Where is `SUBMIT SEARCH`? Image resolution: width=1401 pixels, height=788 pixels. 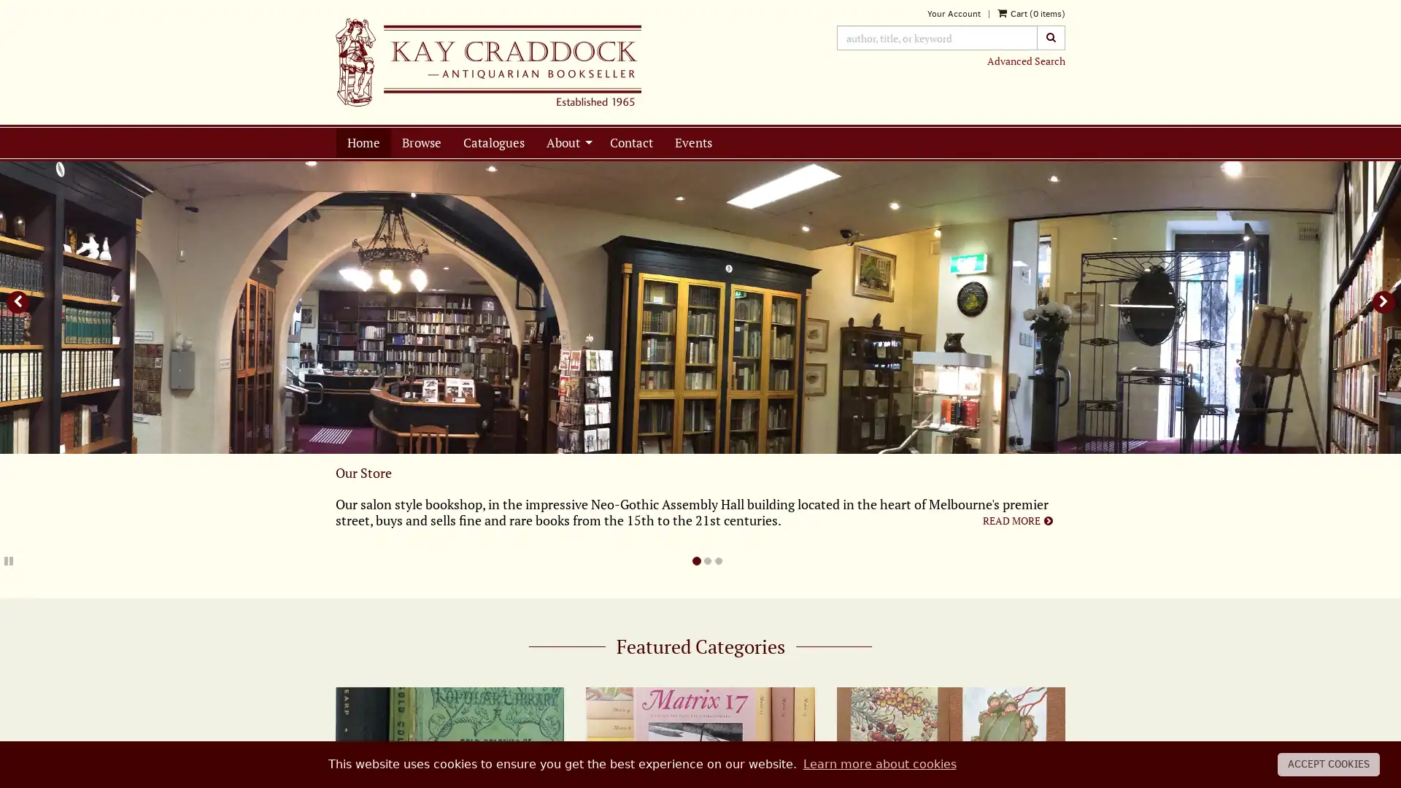
SUBMIT SEARCH is located at coordinates (1049, 36).